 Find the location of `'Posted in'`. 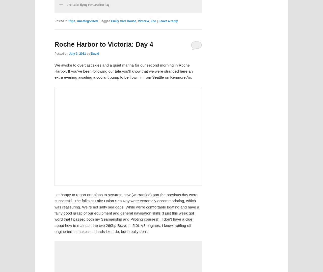

'Posted in' is located at coordinates (61, 20).